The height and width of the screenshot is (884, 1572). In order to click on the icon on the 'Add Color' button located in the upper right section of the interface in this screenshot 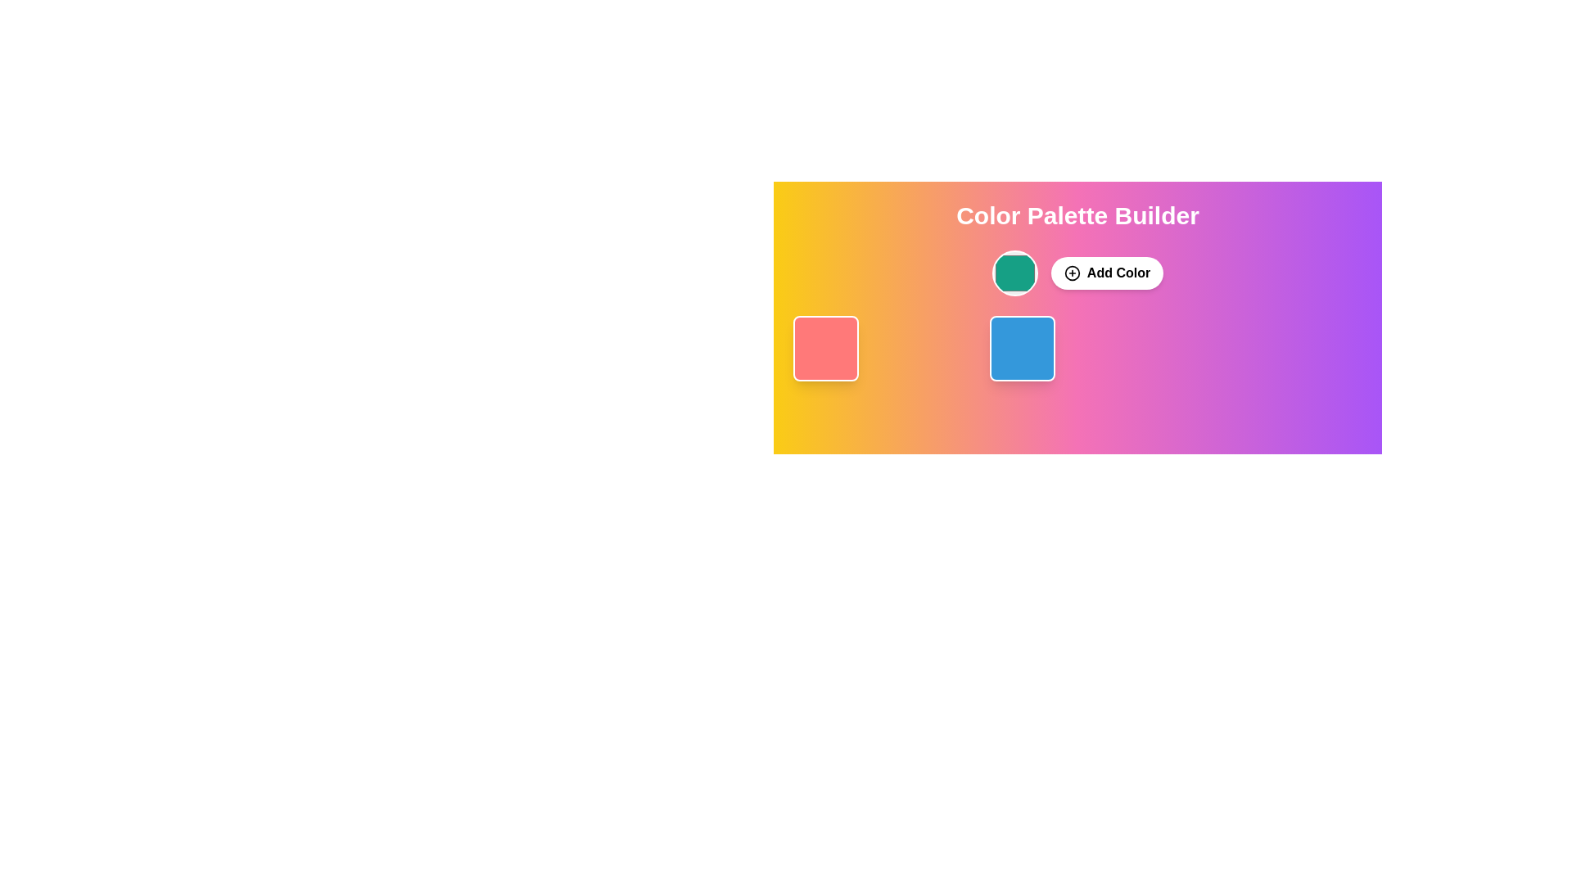, I will do `click(1072, 273)`.